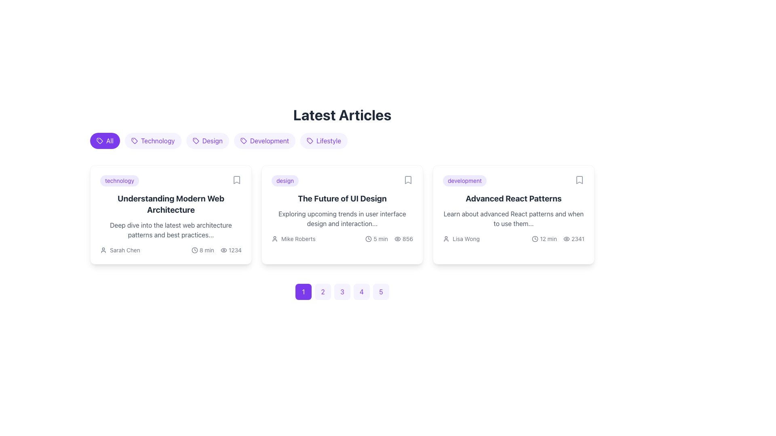 Image resolution: width=776 pixels, height=436 pixels. What do you see at coordinates (265, 140) in the screenshot?
I see `the fourth button in the horizontal list of navigational options under the 'Latest Articles' heading` at bounding box center [265, 140].